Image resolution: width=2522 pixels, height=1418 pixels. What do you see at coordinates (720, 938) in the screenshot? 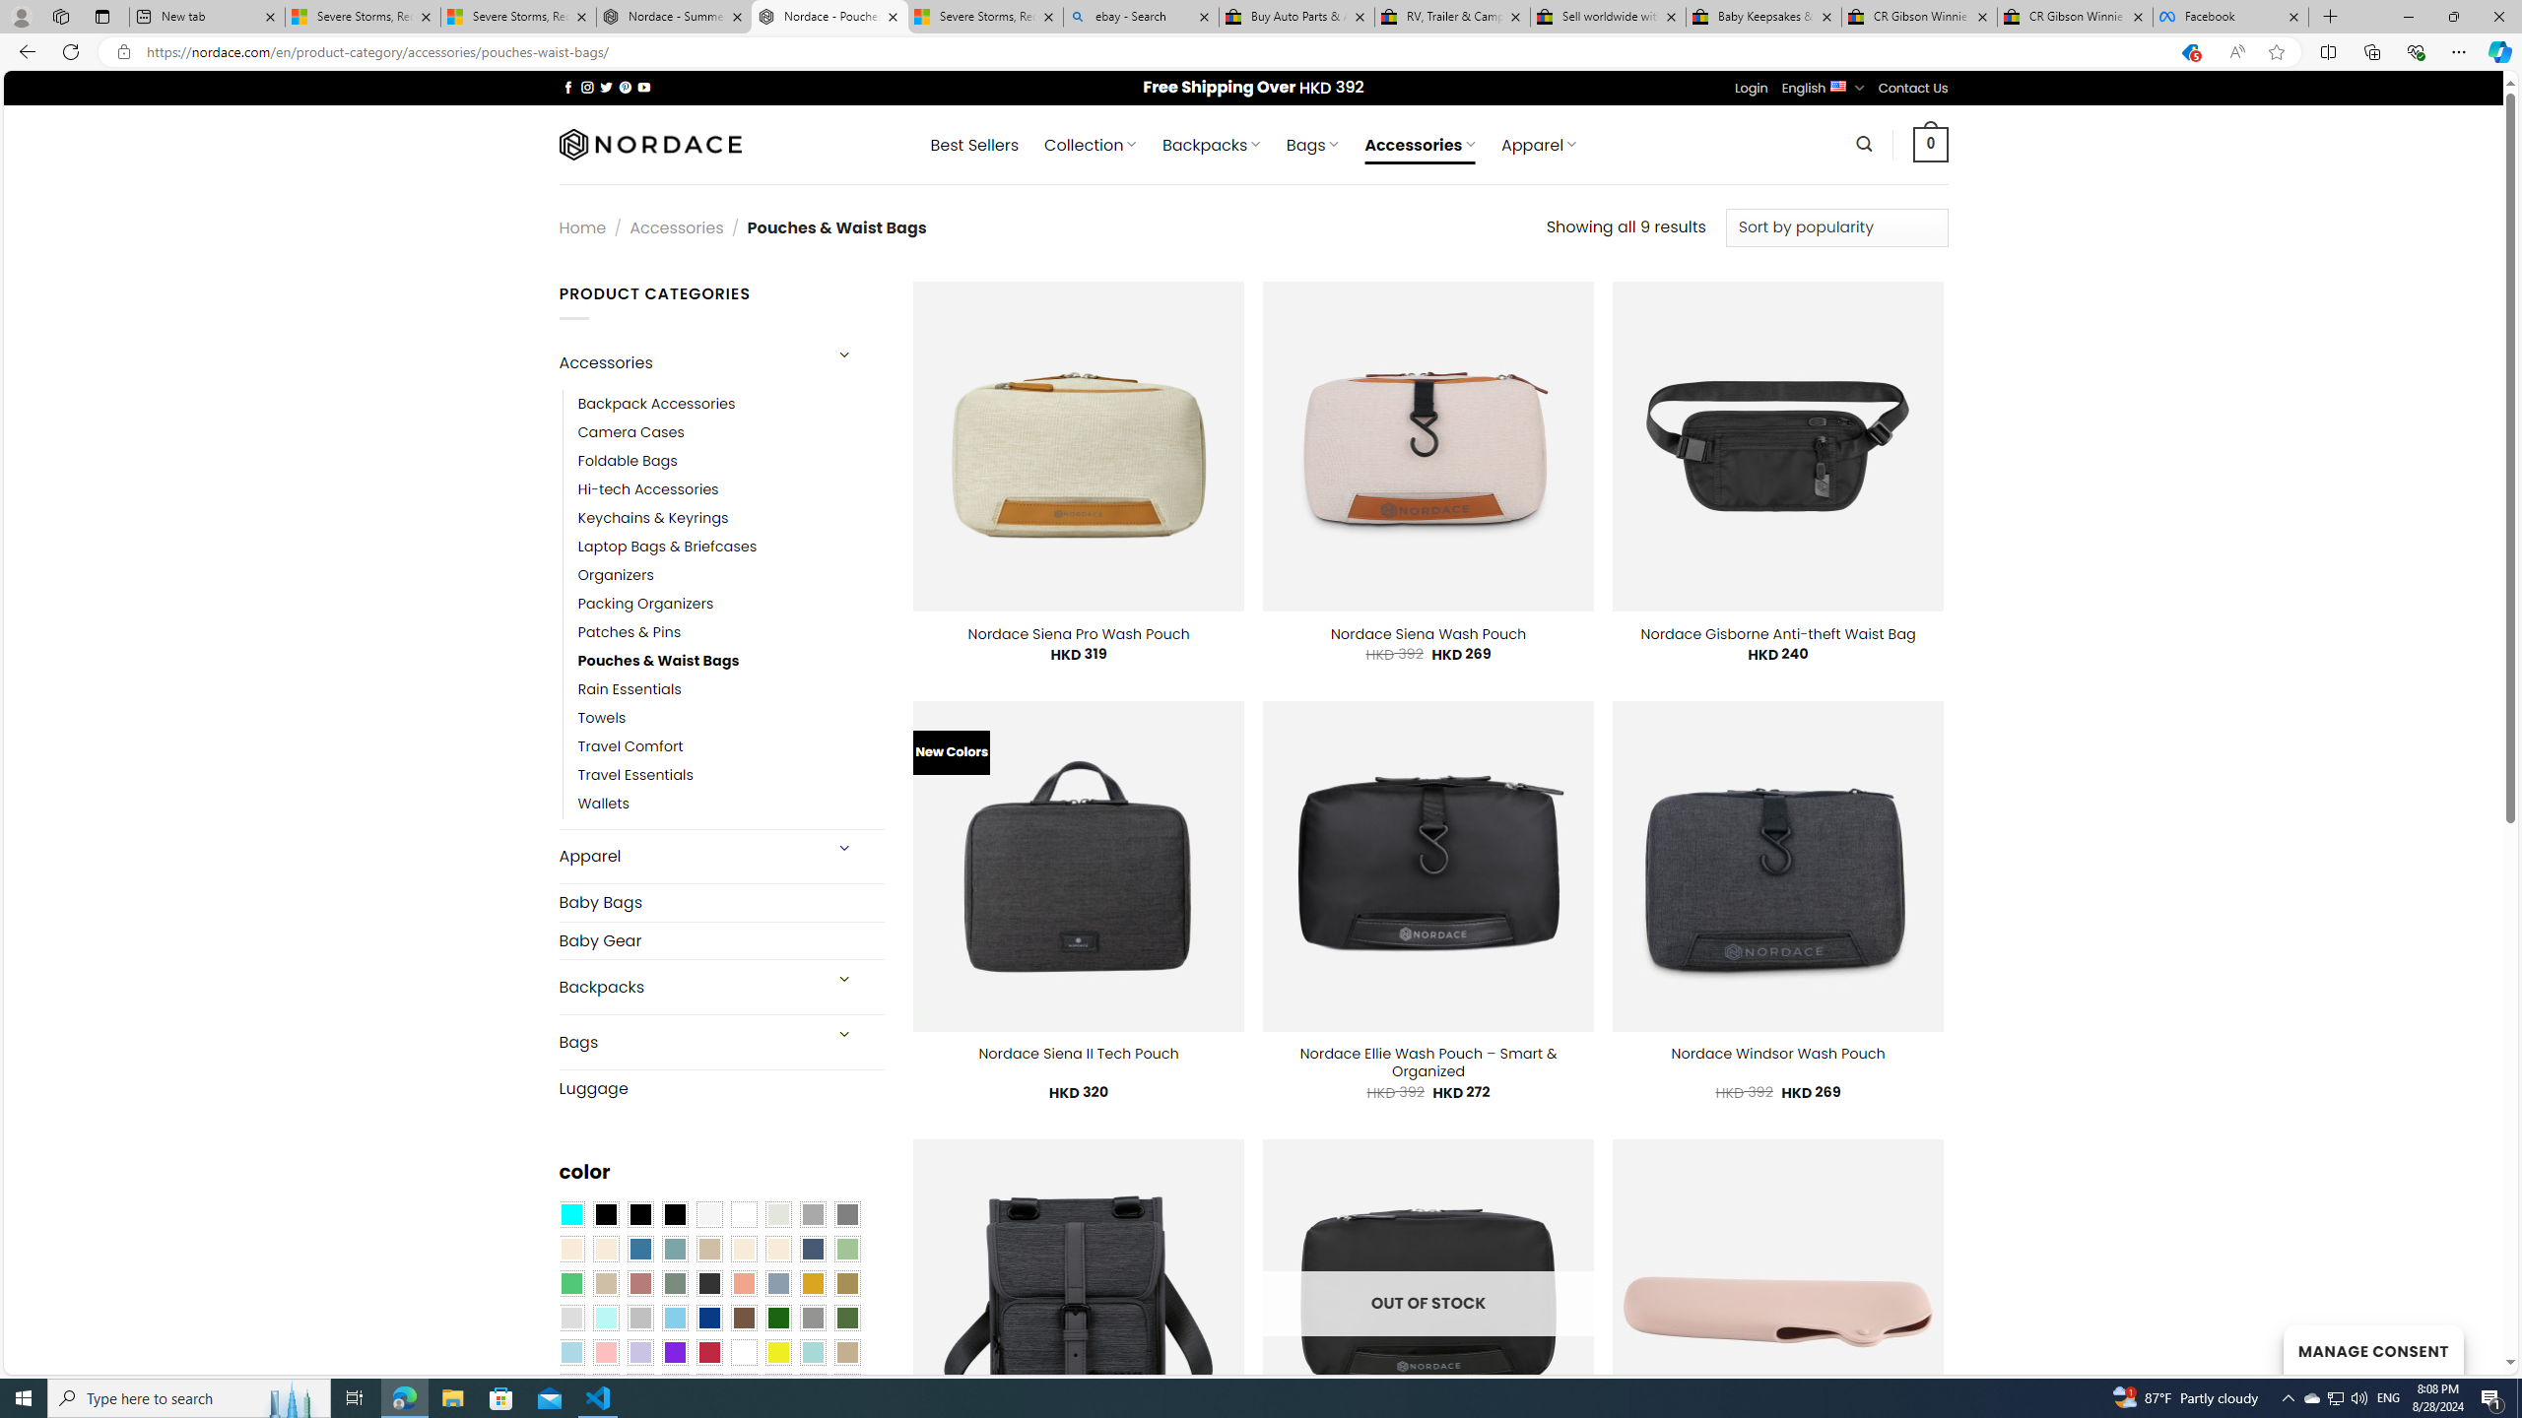
I see `'Baby Gear'` at bounding box center [720, 938].